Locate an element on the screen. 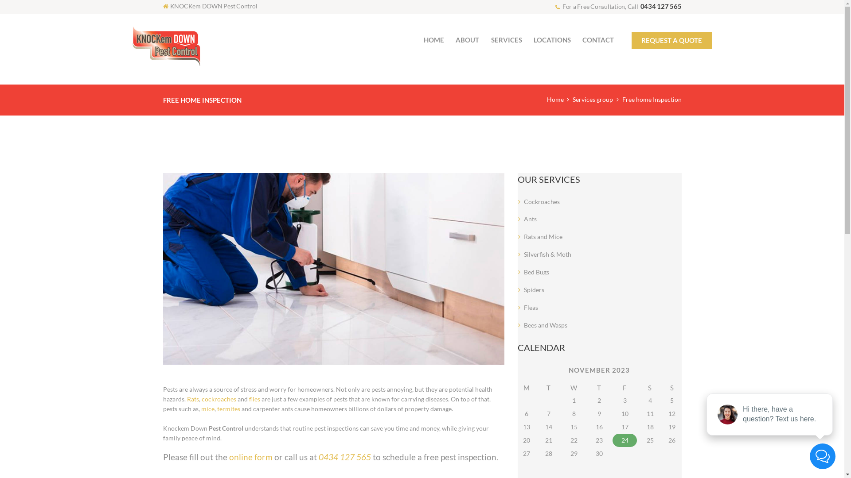  'HOME' is located at coordinates (434, 40).